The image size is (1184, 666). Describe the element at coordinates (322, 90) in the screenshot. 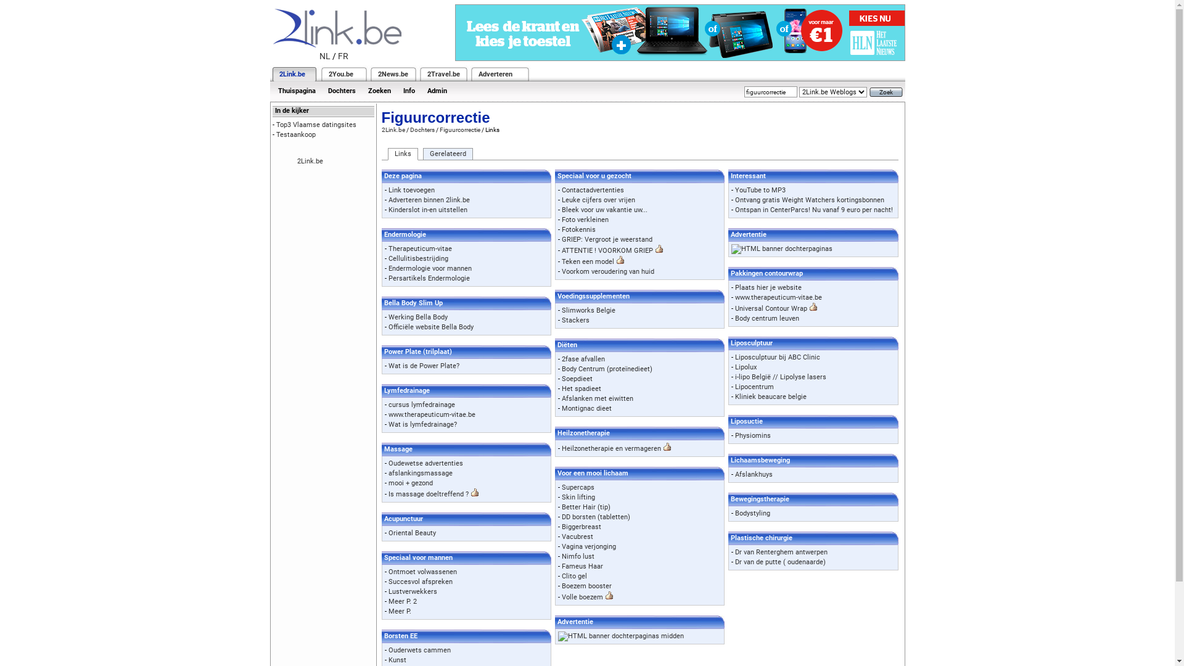

I see `'Dochters'` at that location.